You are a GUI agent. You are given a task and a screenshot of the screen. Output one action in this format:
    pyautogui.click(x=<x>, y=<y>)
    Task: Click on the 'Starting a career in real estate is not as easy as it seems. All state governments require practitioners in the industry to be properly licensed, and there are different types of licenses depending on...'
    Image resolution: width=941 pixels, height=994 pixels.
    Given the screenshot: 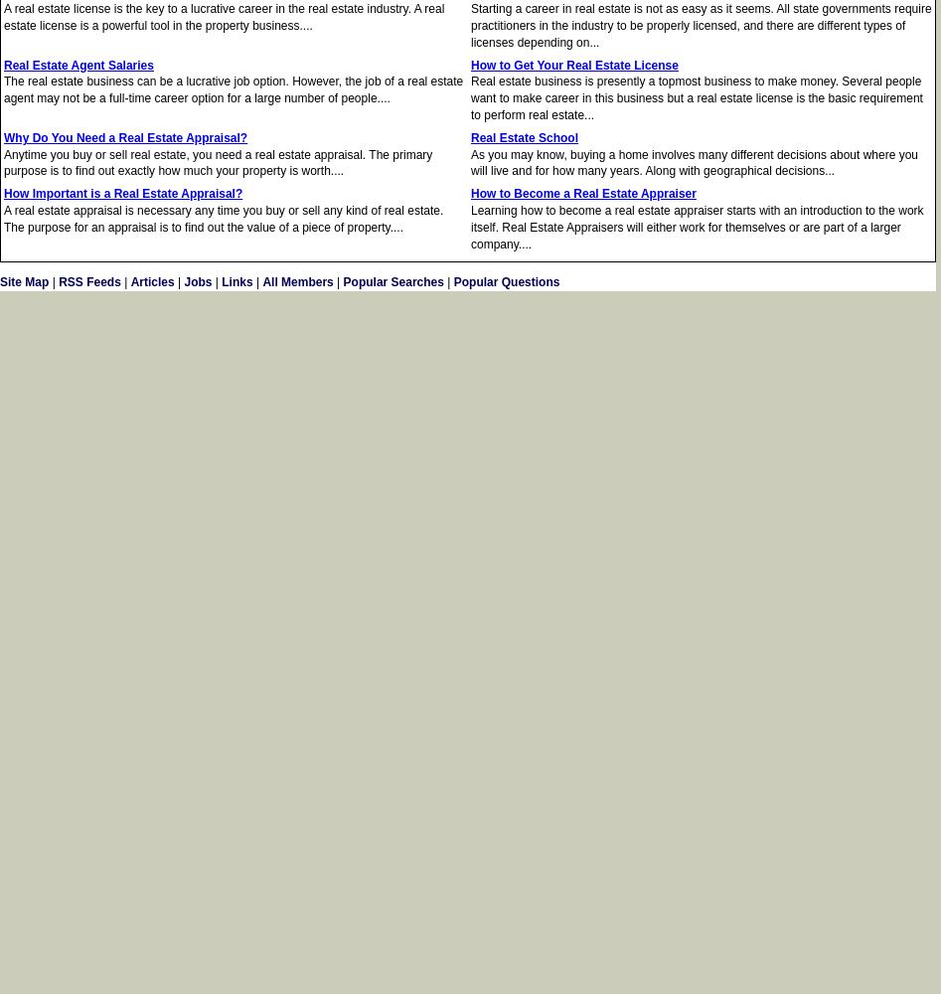 What is the action you would take?
    pyautogui.click(x=700, y=25)
    